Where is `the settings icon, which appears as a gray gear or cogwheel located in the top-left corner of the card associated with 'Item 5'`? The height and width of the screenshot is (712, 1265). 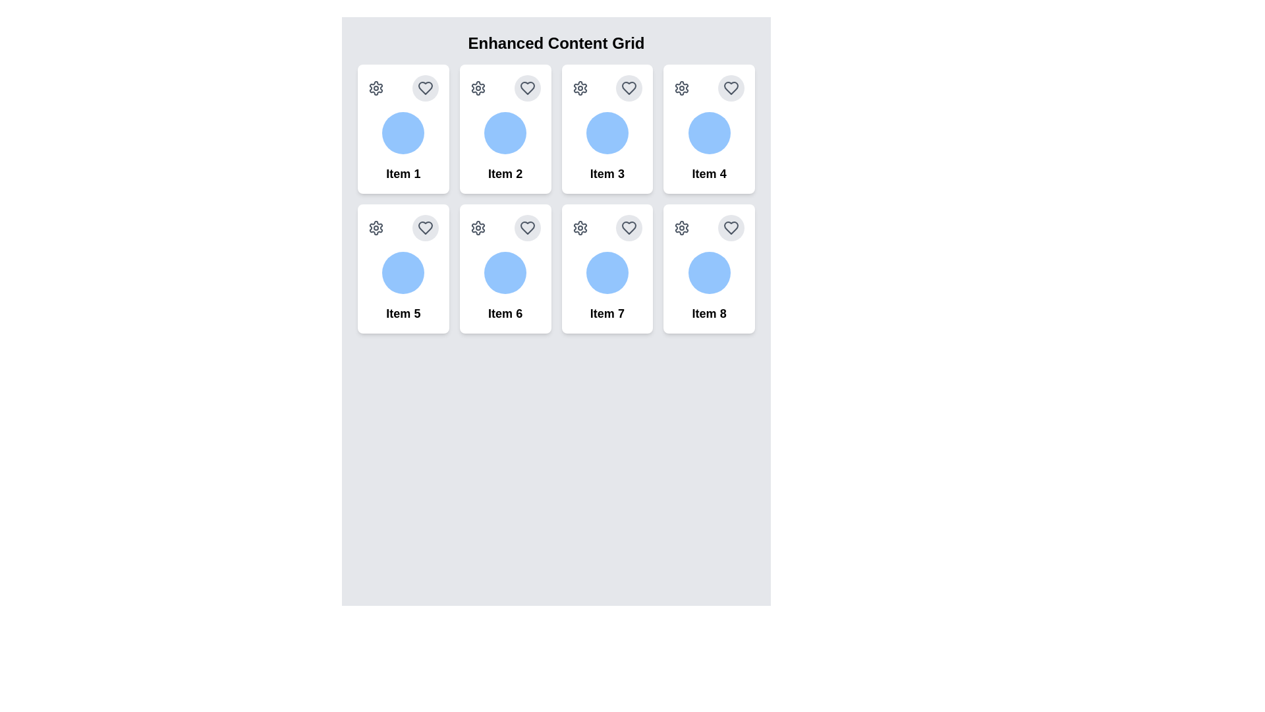
the settings icon, which appears as a gray gear or cogwheel located in the top-left corner of the card associated with 'Item 5' is located at coordinates (376, 227).